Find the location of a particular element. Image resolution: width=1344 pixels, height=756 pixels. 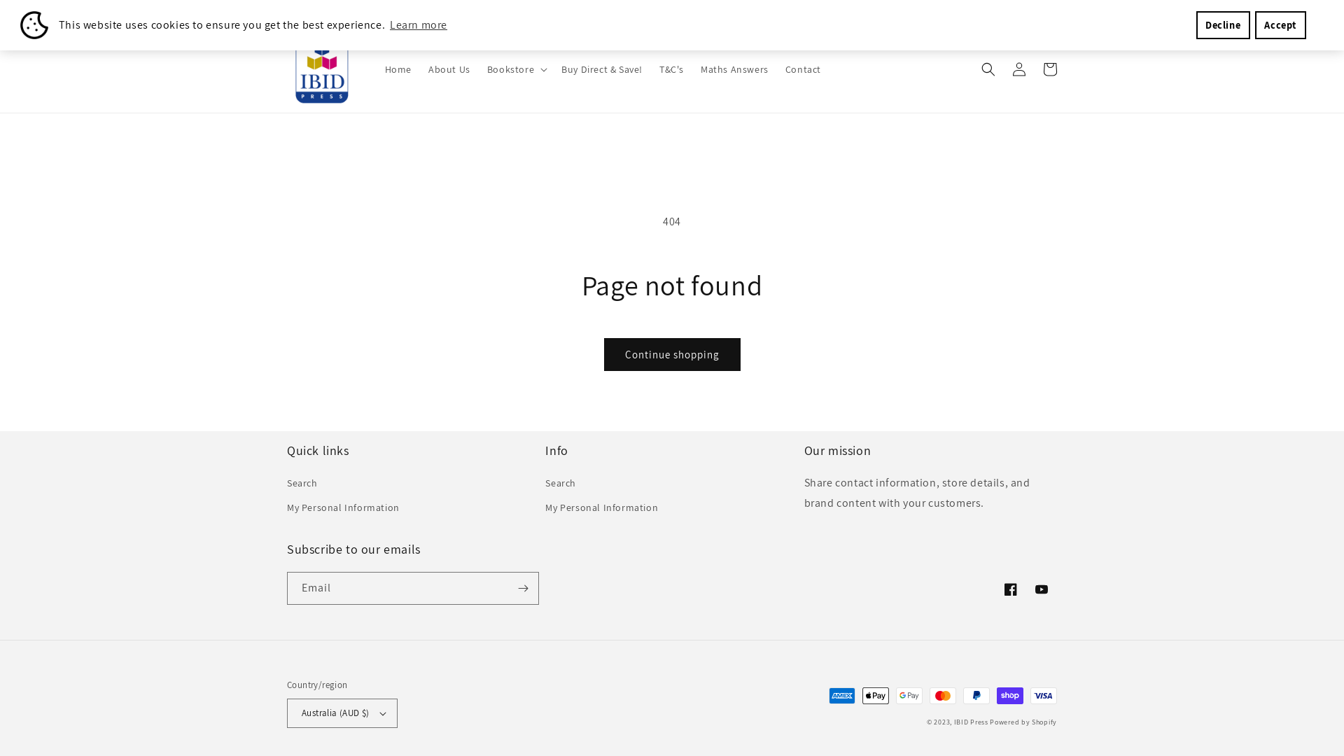

'Home' is located at coordinates (398, 69).